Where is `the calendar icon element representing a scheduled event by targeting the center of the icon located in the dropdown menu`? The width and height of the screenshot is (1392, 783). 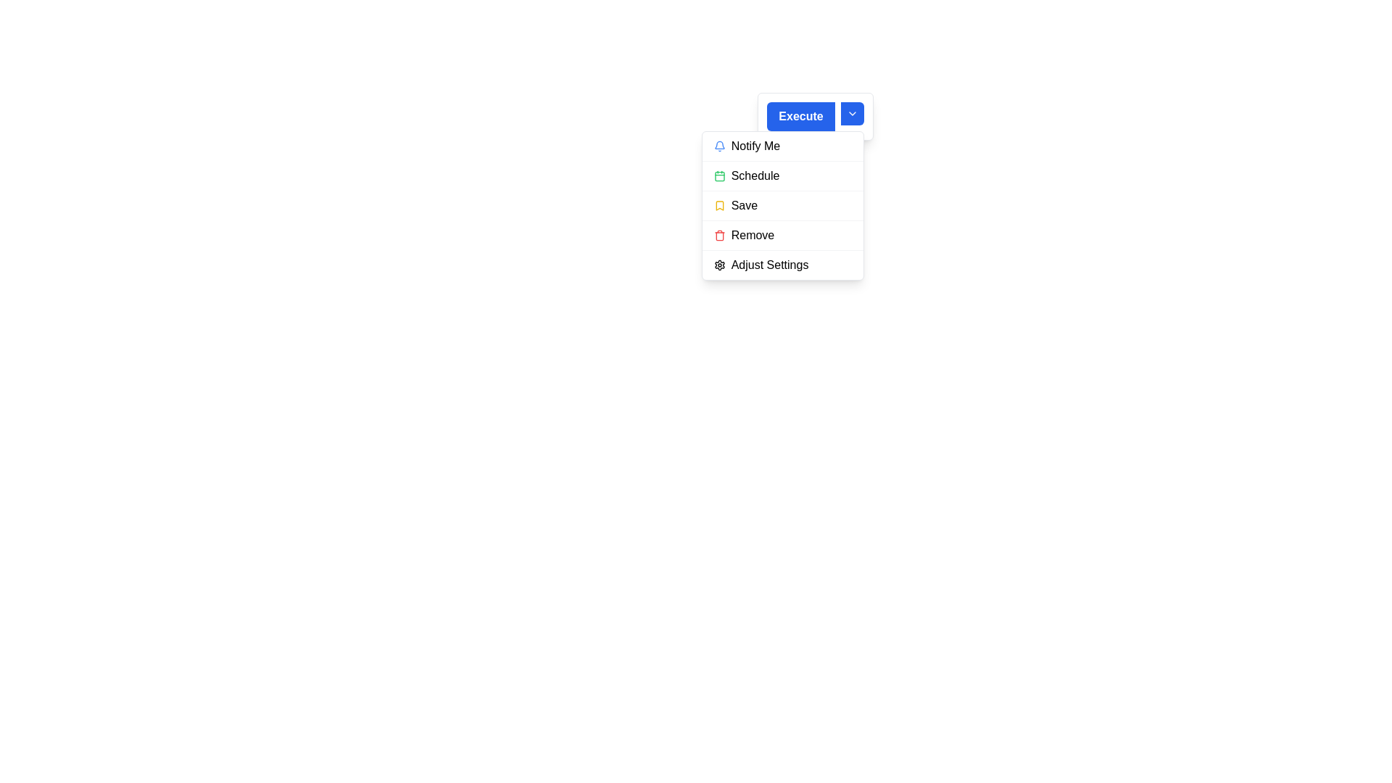
the calendar icon element representing a scheduled event by targeting the center of the icon located in the dropdown menu is located at coordinates (719, 175).